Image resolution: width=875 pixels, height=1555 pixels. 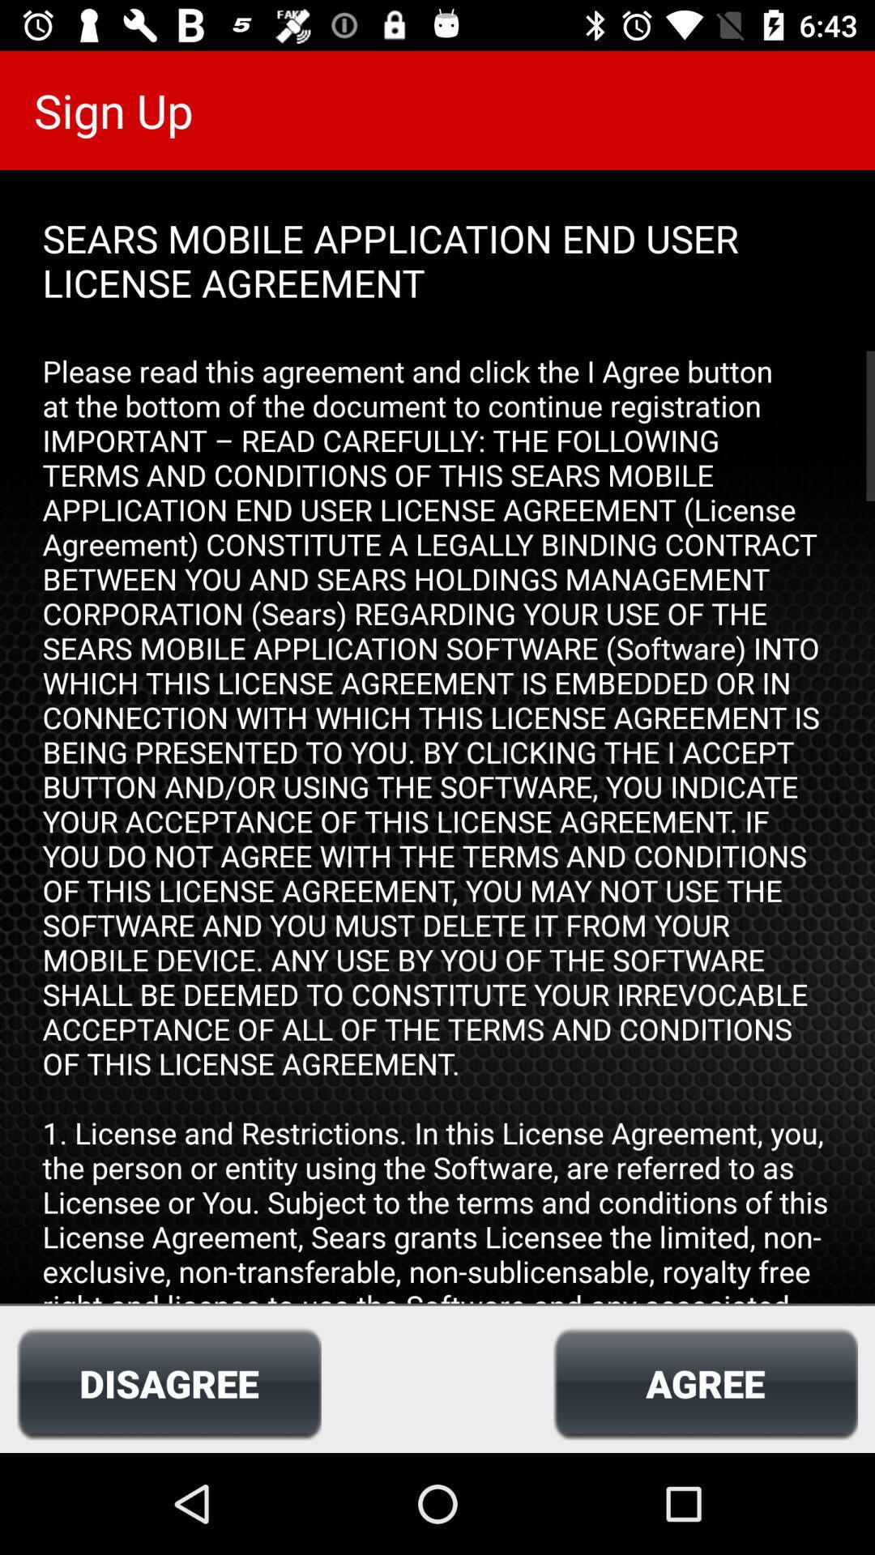 What do you see at coordinates (169, 1382) in the screenshot?
I see `the disagree item` at bounding box center [169, 1382].